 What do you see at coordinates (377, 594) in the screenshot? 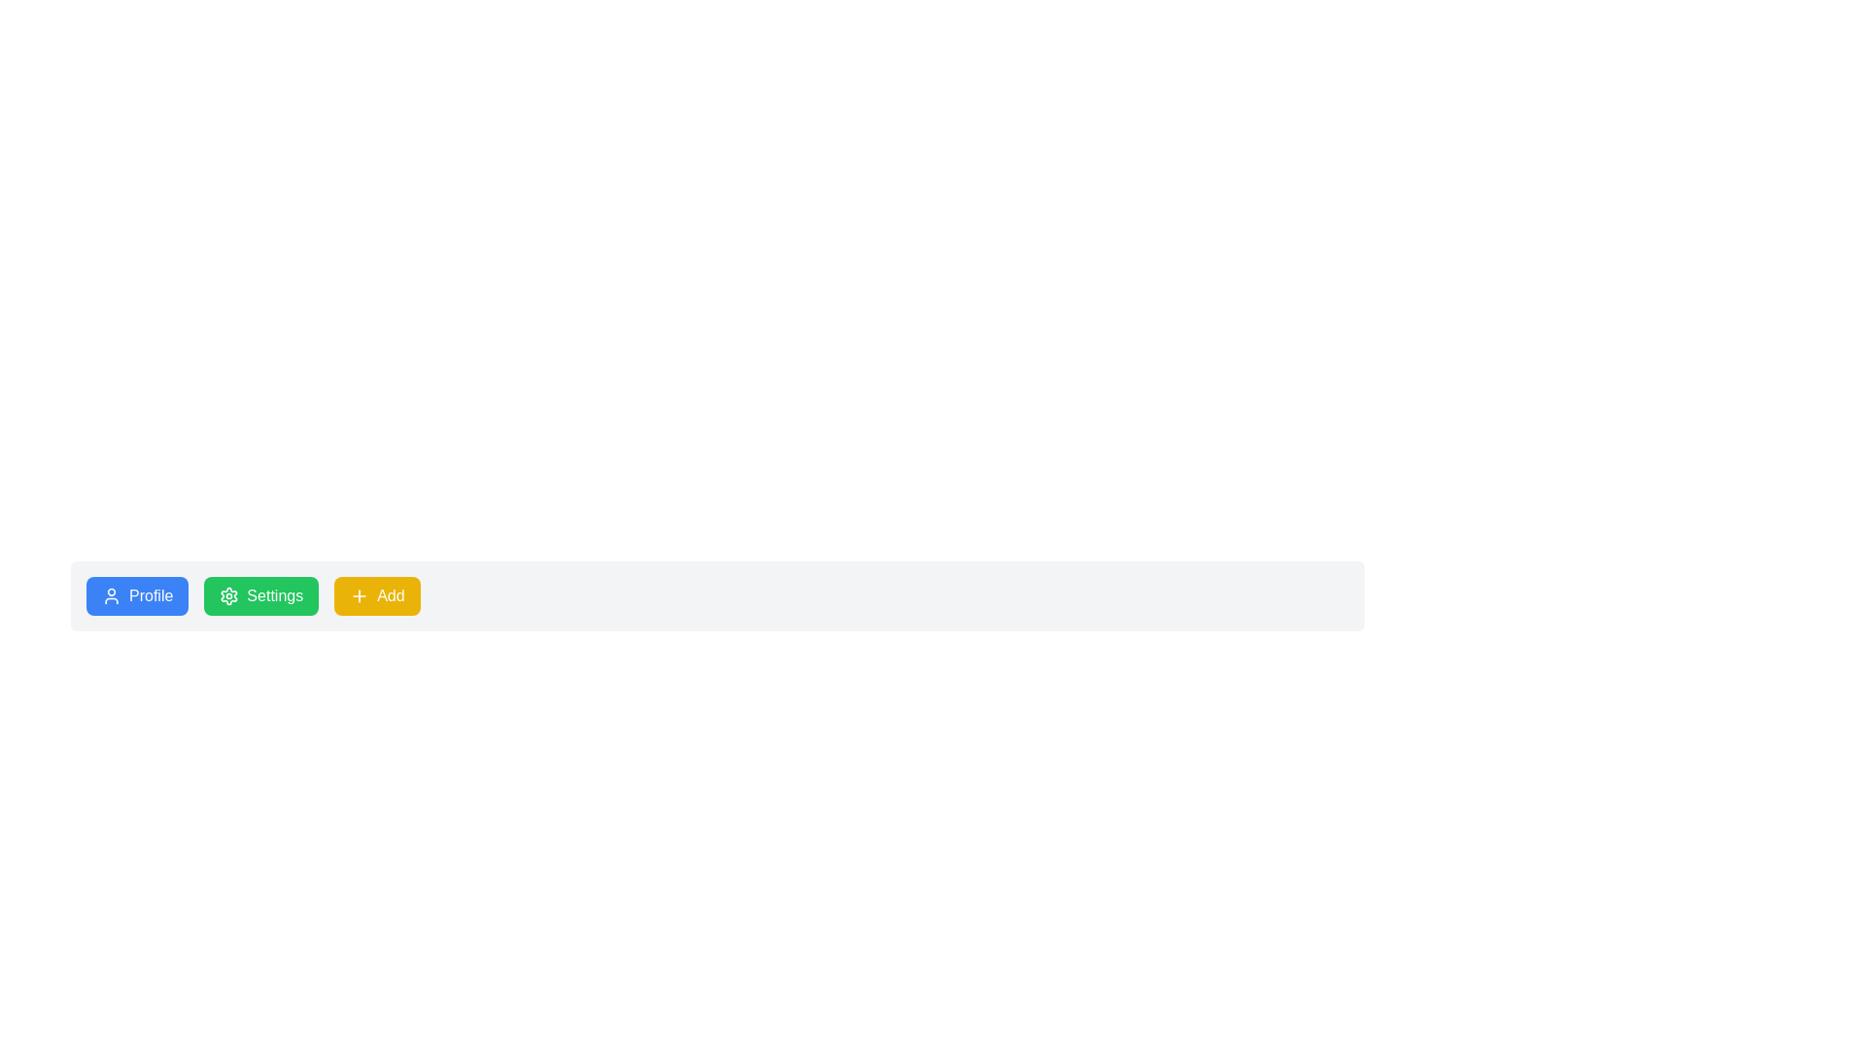
I see `the yellow button with rounded corners labeled 'Add', which is positioned at the third place in a row of buttons` at bounding box center [377, 594].